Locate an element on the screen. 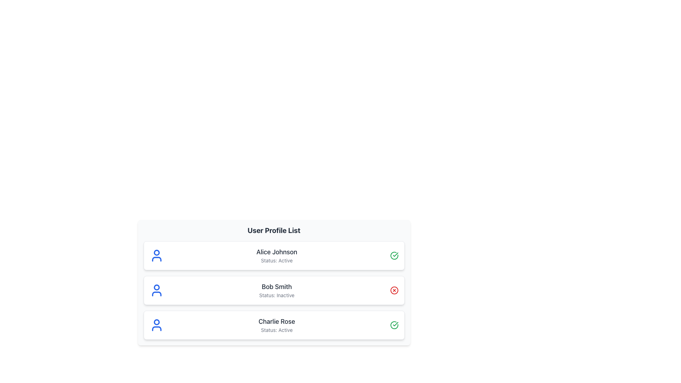  the topmost blue outlined circle within the user profile icon, located to the left of 'Alice Johnson' and 'Status: Active' is located at coordinates (156, 252).